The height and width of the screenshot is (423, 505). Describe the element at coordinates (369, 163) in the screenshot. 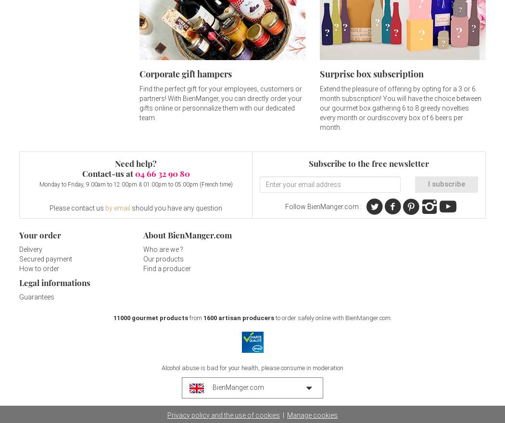

I see `'Subscribe to the free newsletter'` at that location.